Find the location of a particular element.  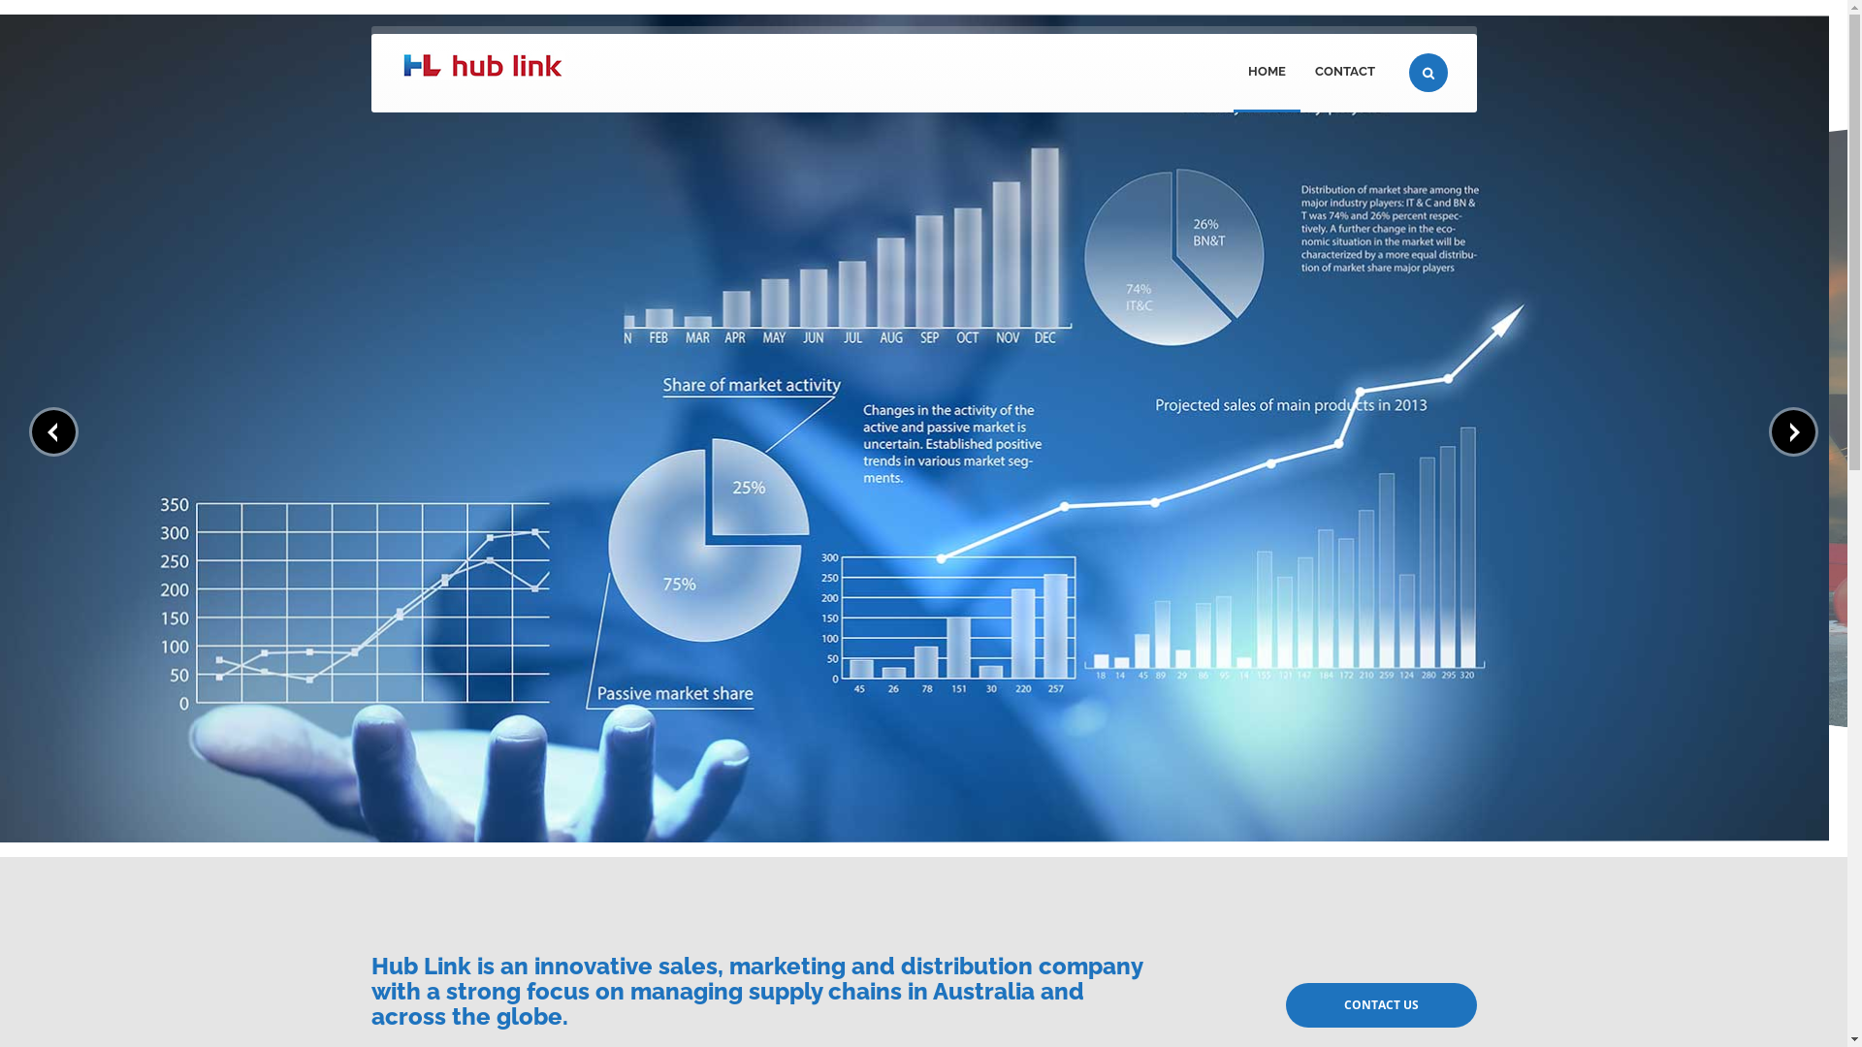

'CONTACT' is located at coordinates (1343, 72).